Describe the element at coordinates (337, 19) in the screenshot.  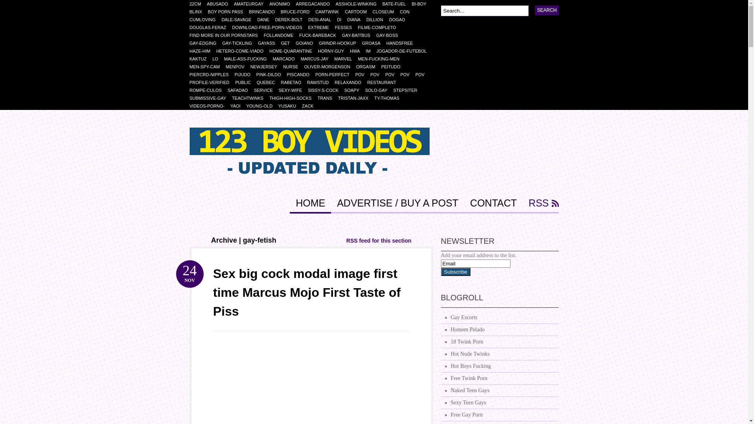
I see `'DI'` at that location.